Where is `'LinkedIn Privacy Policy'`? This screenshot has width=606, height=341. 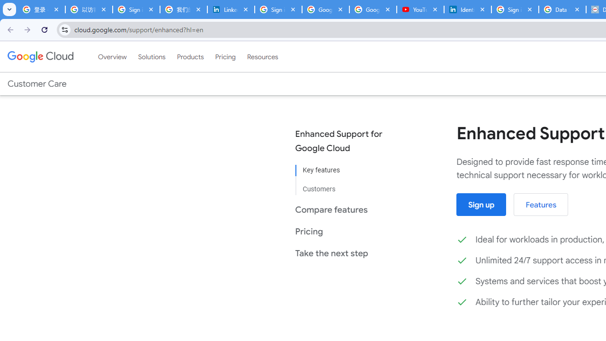 'LinkedIn Privacy Policy' is located at coordinates (231, 9).